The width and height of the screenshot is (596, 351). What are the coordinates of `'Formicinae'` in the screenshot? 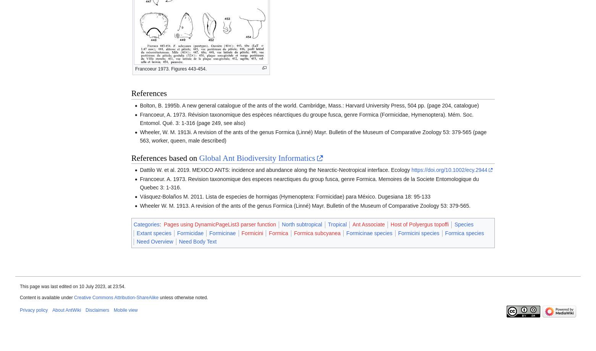 It's located at (209, 232).